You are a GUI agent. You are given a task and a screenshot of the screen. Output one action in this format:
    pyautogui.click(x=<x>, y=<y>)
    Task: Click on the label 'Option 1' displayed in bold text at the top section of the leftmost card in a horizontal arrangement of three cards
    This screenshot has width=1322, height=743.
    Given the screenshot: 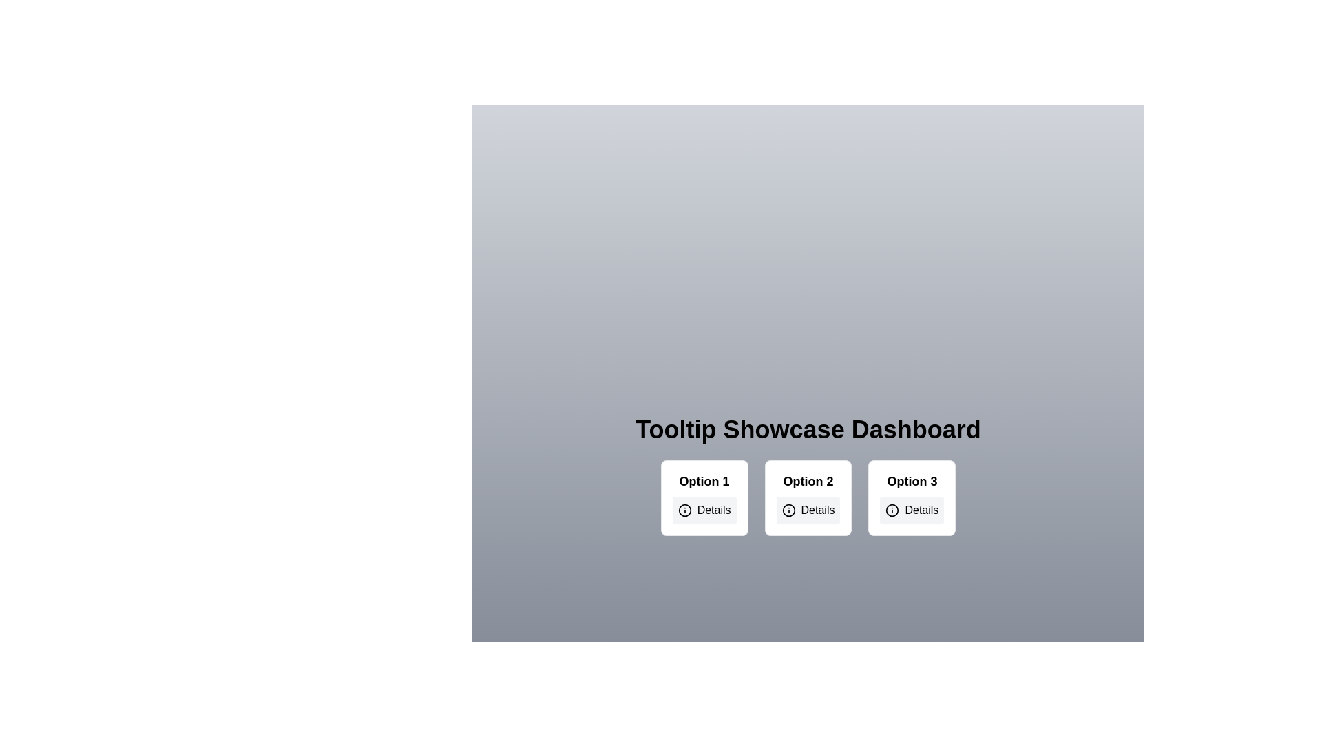 What is the action you would take?
    pyautogui.click(x=704, y=480)
    